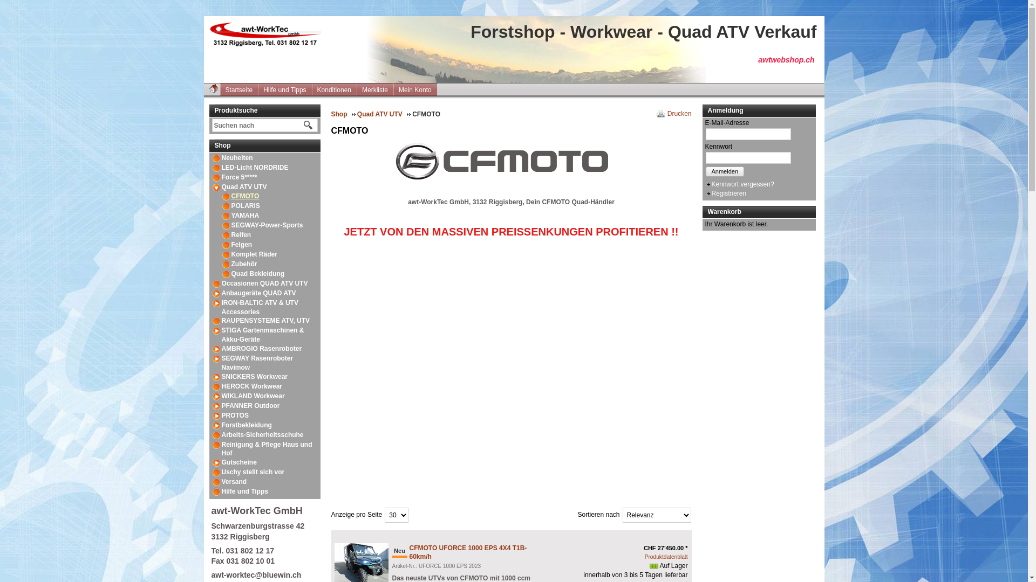  What do you see at coordinates (257, 273) in the screenshot?
I see `'Quad Bekleidung'` at bounding box center [257, 273].